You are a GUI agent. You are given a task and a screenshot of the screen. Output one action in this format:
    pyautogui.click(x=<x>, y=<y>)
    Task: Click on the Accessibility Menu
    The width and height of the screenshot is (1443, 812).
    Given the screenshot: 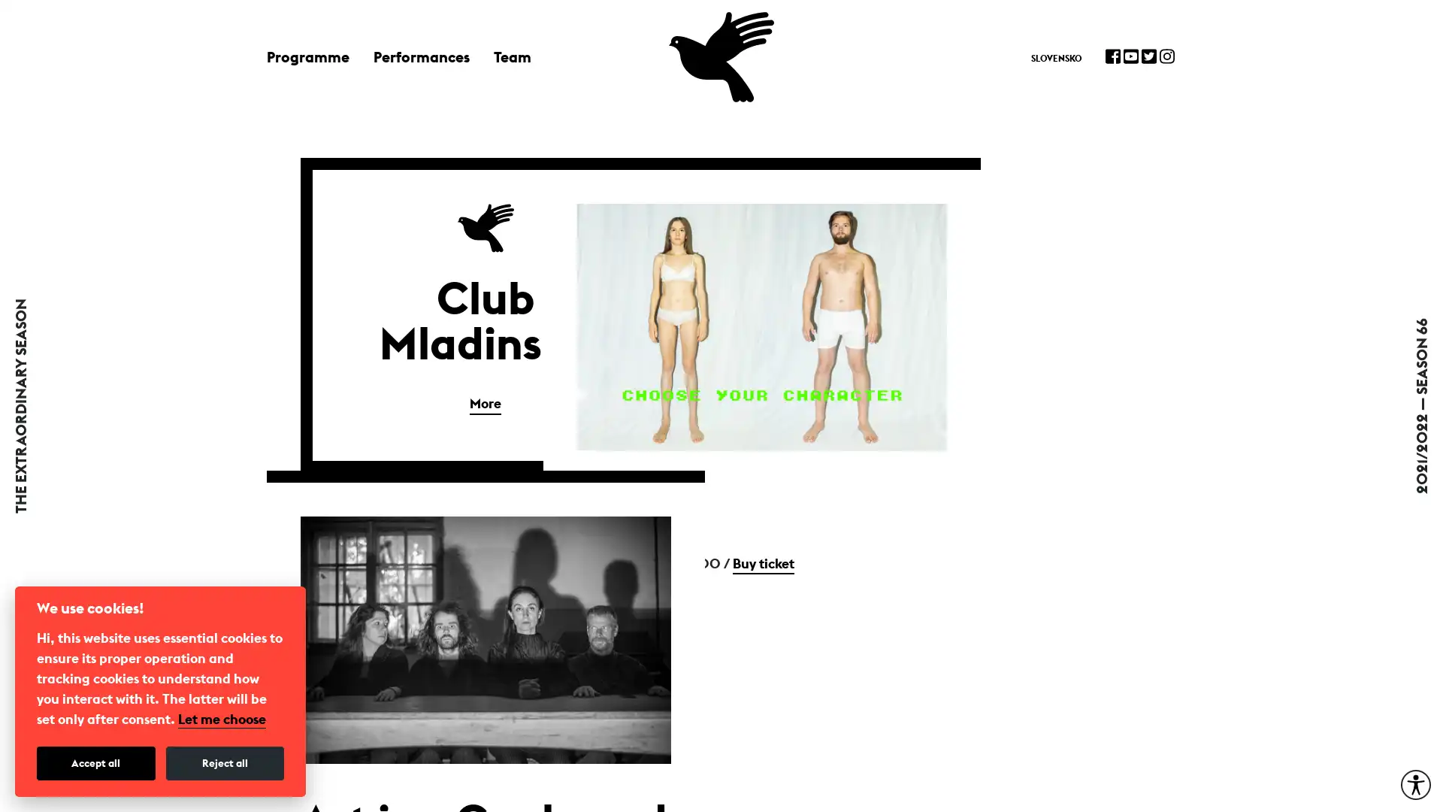 What is the action you would take?
    pyautogui.click(x=1414, y=784)
    